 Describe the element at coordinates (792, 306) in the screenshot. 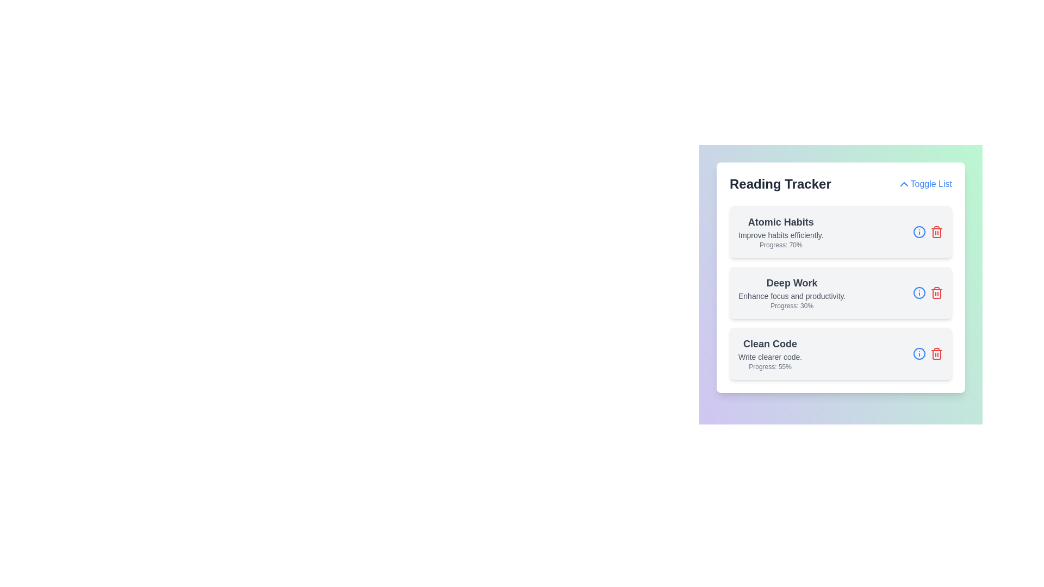

I see `the progress percentage text label for the 'Deep Work' item in the Reading Tracker, which is located at the end of the card, following the text 'Enhance focus and productivity.'` at that location.